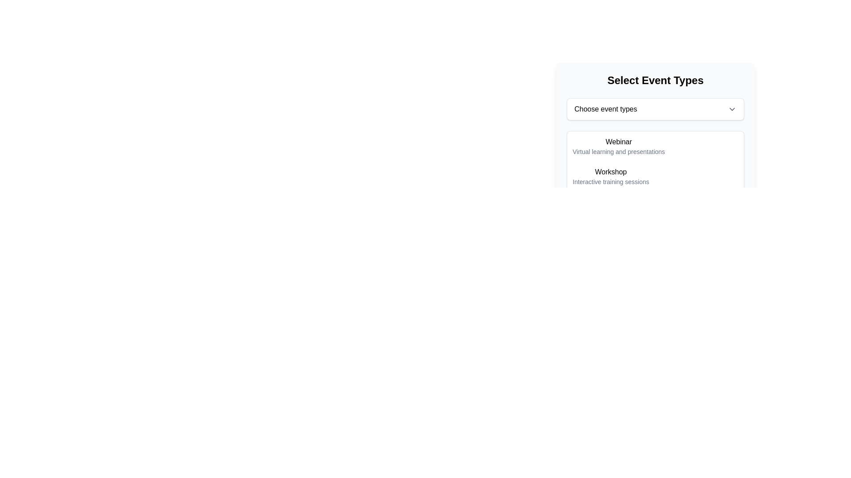 The width and height of the screenshot is (851, 478). Describe the element at coordinates (732, 108) in the screenshot. I see `the downward-pointing chevron icon, which is located at the far right end of the 'Choose event types' box` at that location.